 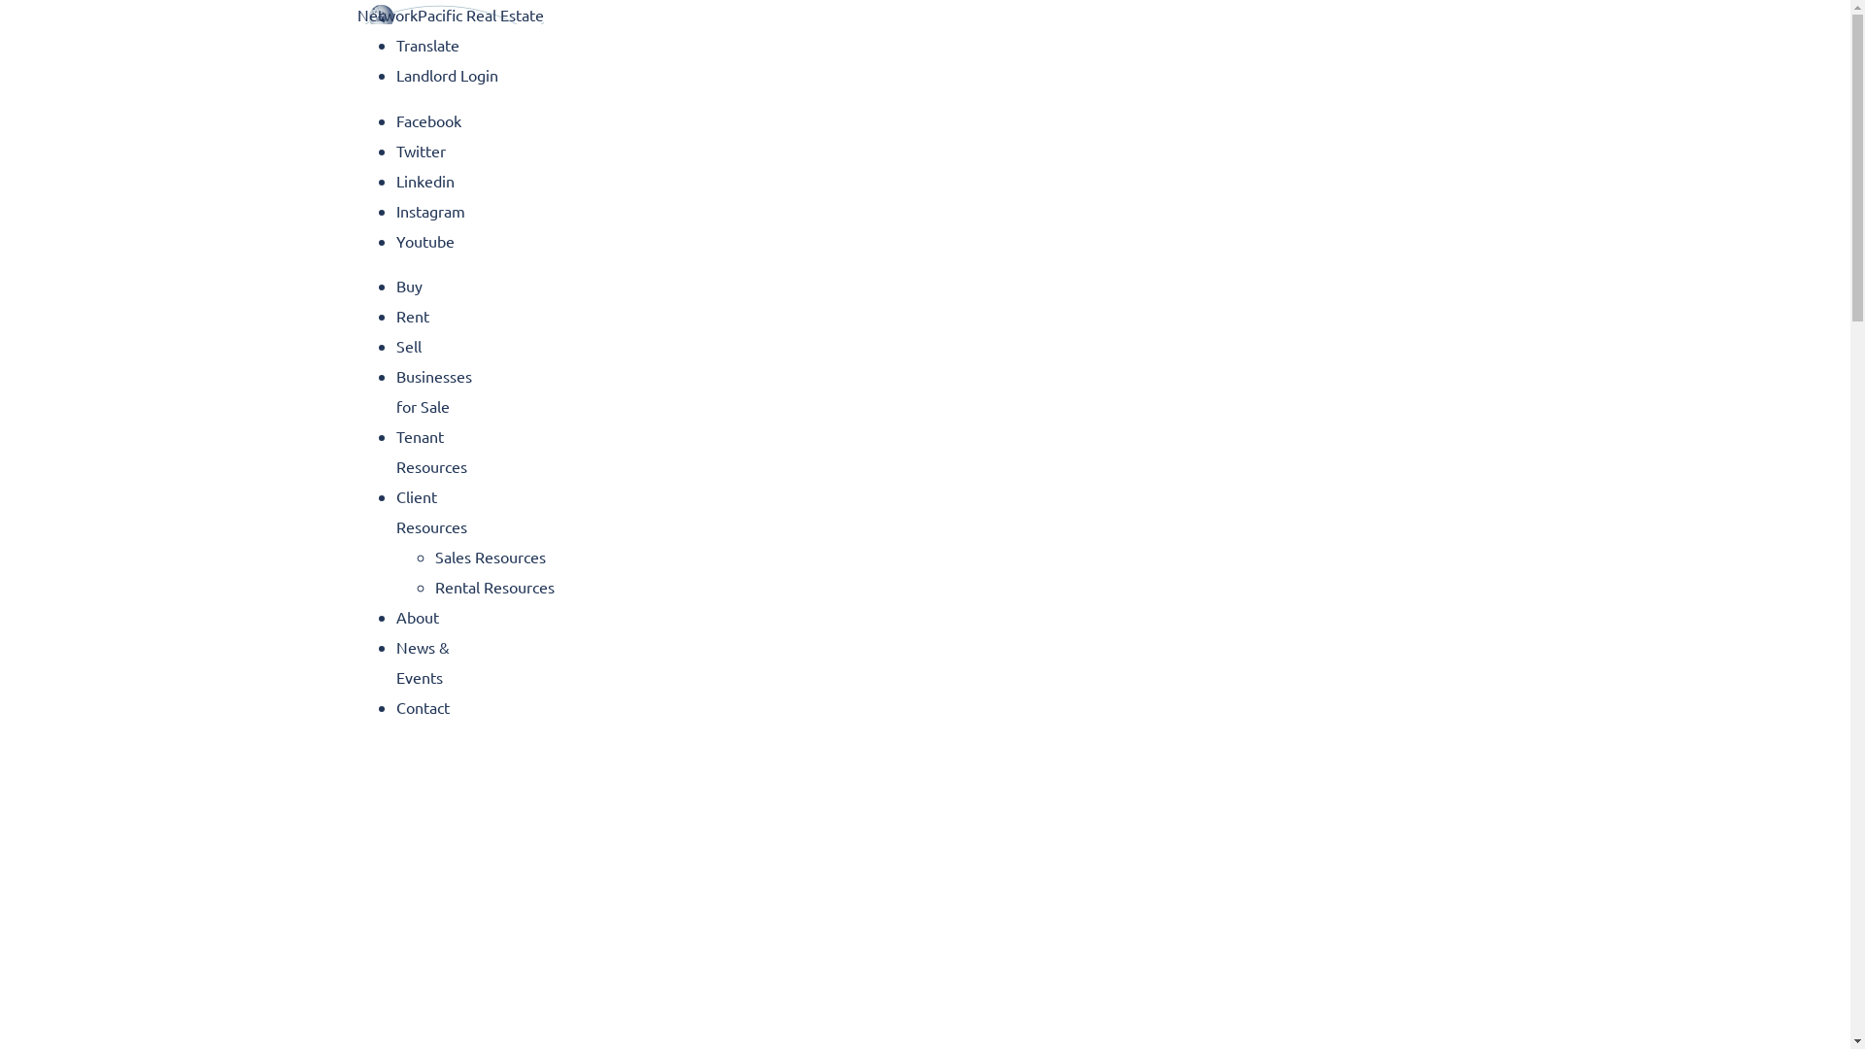 What do you see at coordinates (395, 451) in the screenshot?
I see `'Tenant` at bounding box center [395, 451].